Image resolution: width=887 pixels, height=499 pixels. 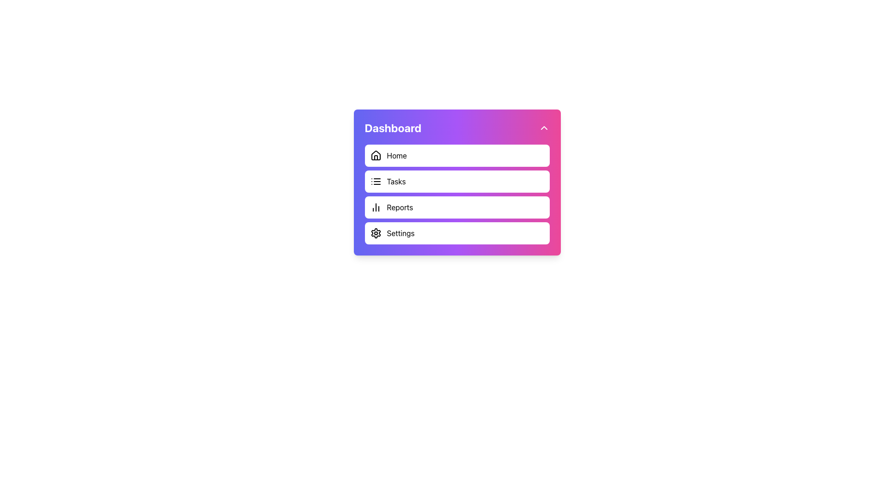 What do you see at coordinates (376, 155) in the screenshot?
I see `the 'Home' icon in the menu under the 'Dashboard' section, which is the leftmost element represented by a house icon followed by the label 'Home'` at bounding box center [376, 155].